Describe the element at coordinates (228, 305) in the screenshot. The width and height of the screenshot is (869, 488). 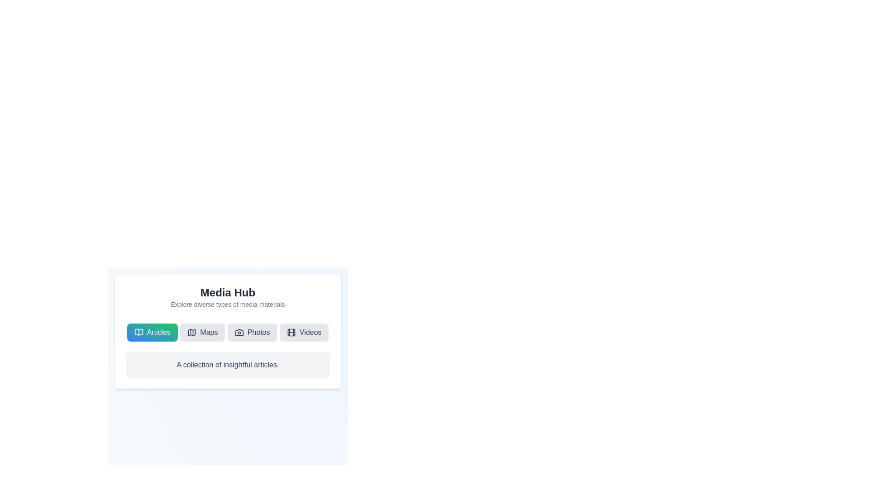
I see `the static text that reads 'Explore diverse types of media materials', which is centered below the title 'Media Hub'` at that location.